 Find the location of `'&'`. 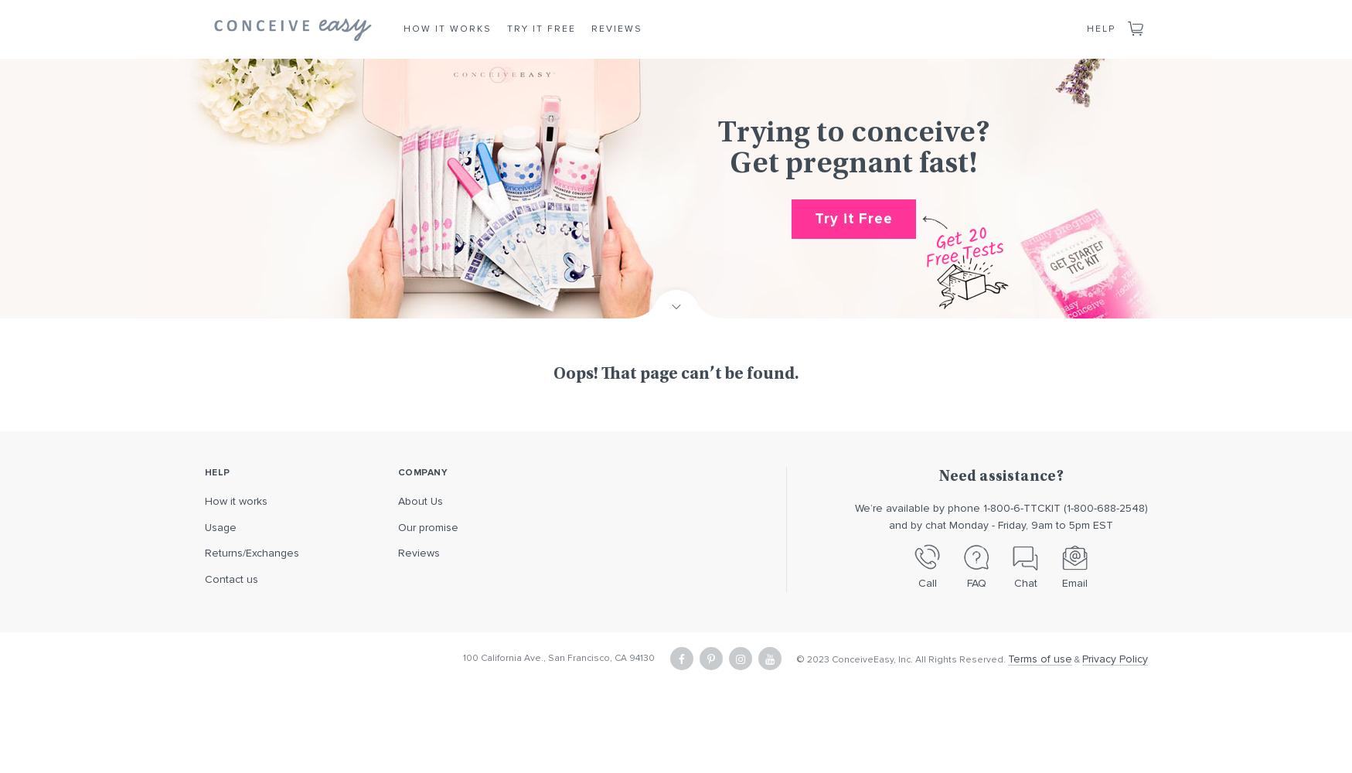

'&' is located at coordinates (1075, 658).